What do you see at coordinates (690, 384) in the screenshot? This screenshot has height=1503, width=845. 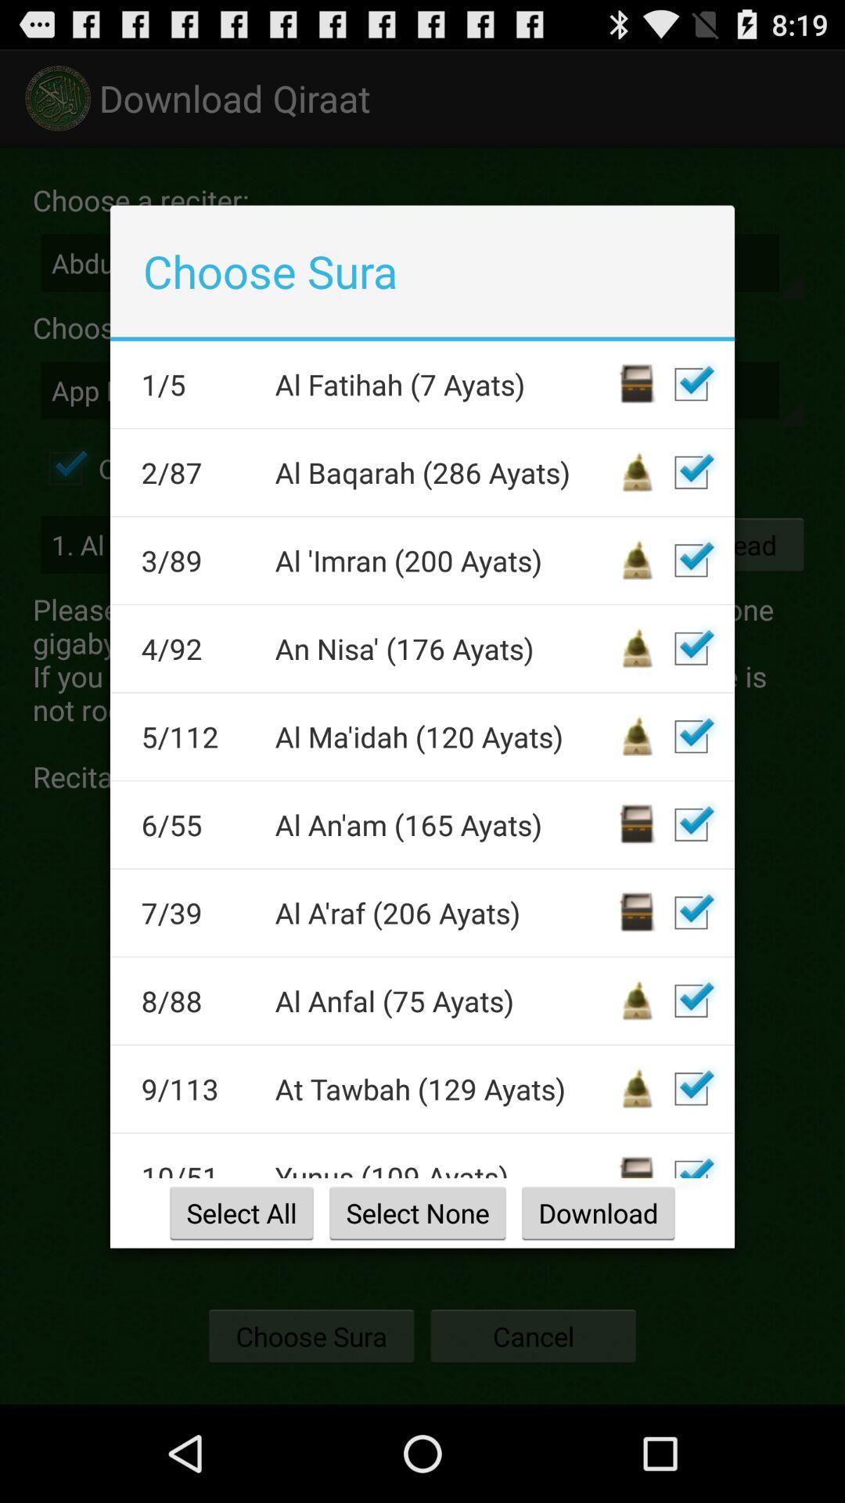 I see `checkbox` at bounding box center [690, 384].